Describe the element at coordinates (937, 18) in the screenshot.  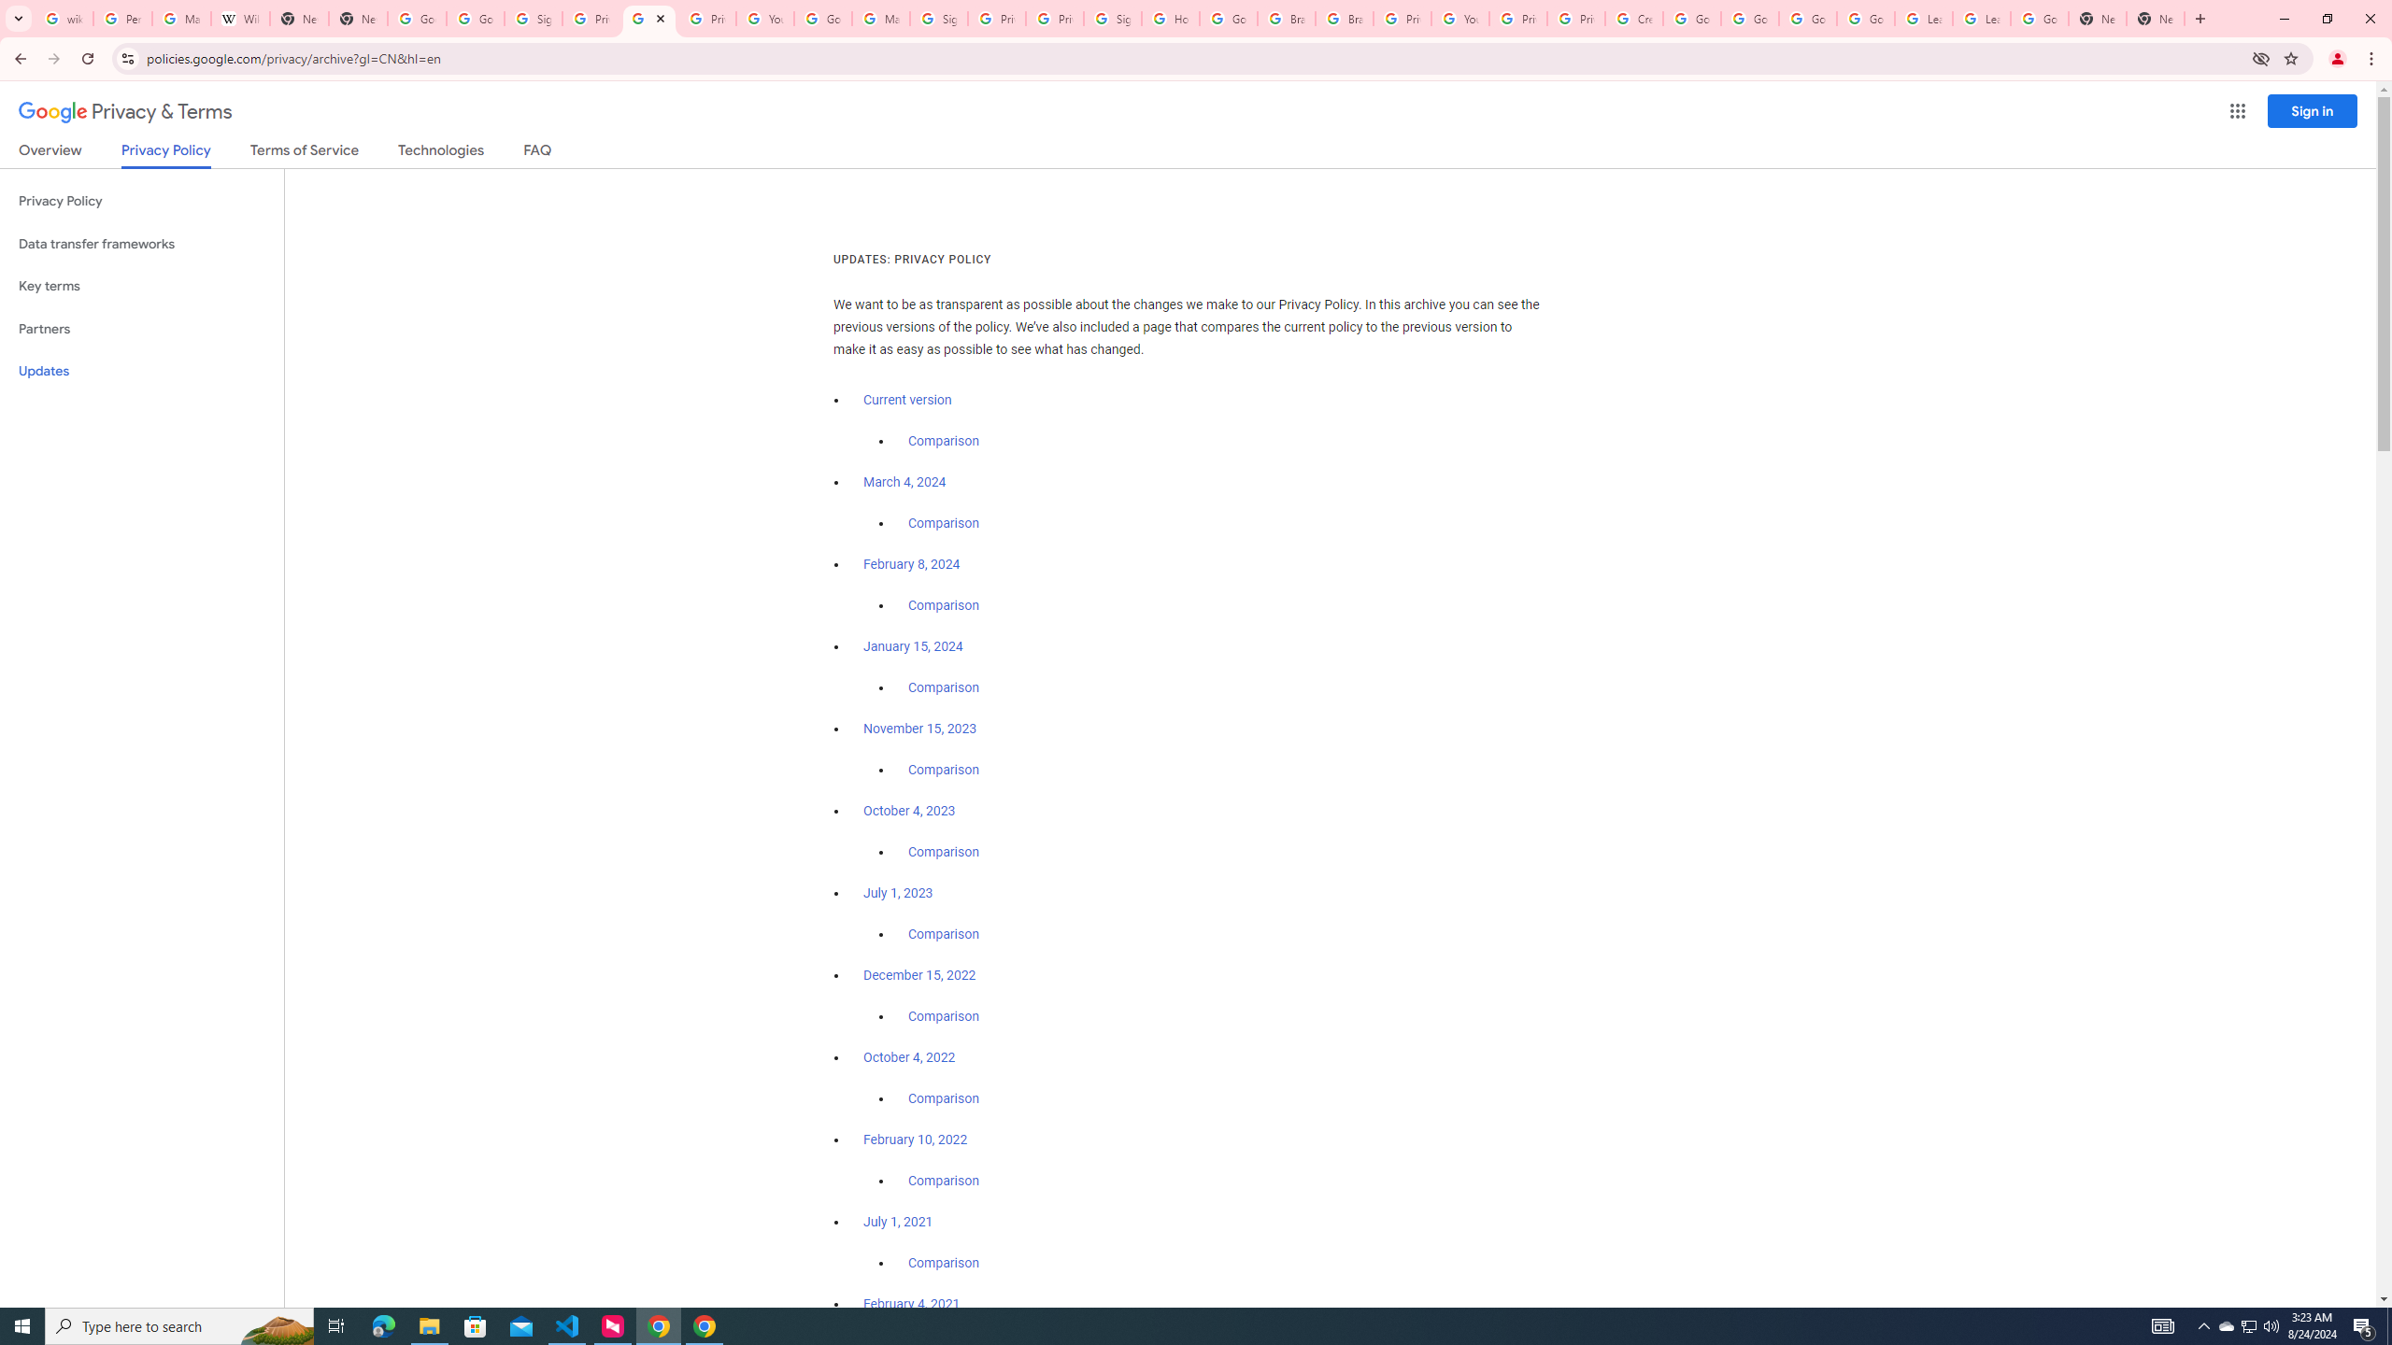
I see `'Sign in - Google Accounts'` at that location.